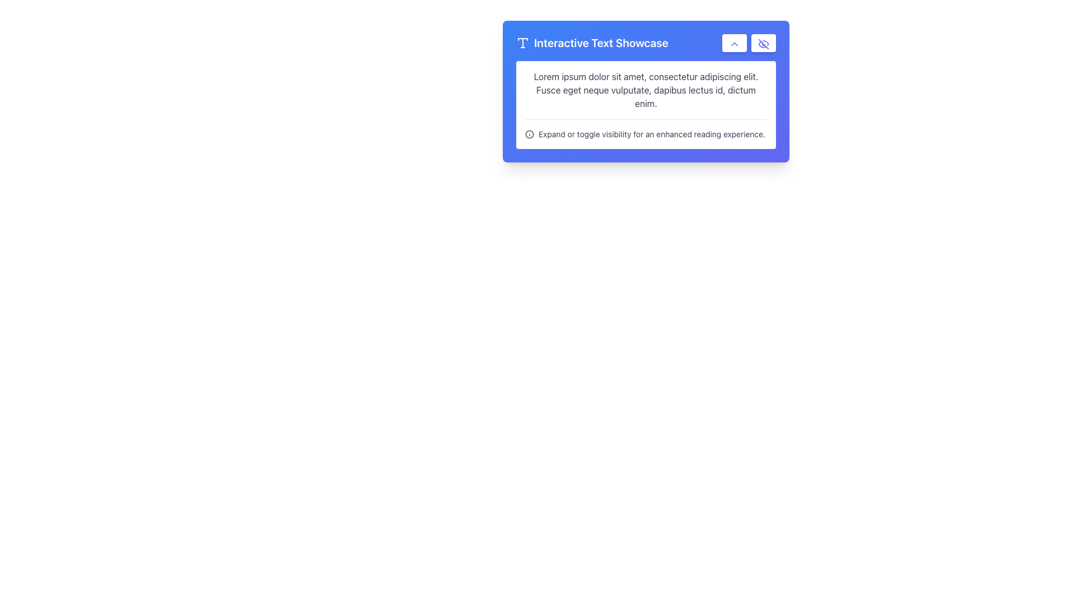 The width and height of the screenshot is (1075, 605). I want to click on the information icon located to the left of the sentence text that reads 'Expand or toggle visibility for an enhanced reading experience.', so click(529, 133).